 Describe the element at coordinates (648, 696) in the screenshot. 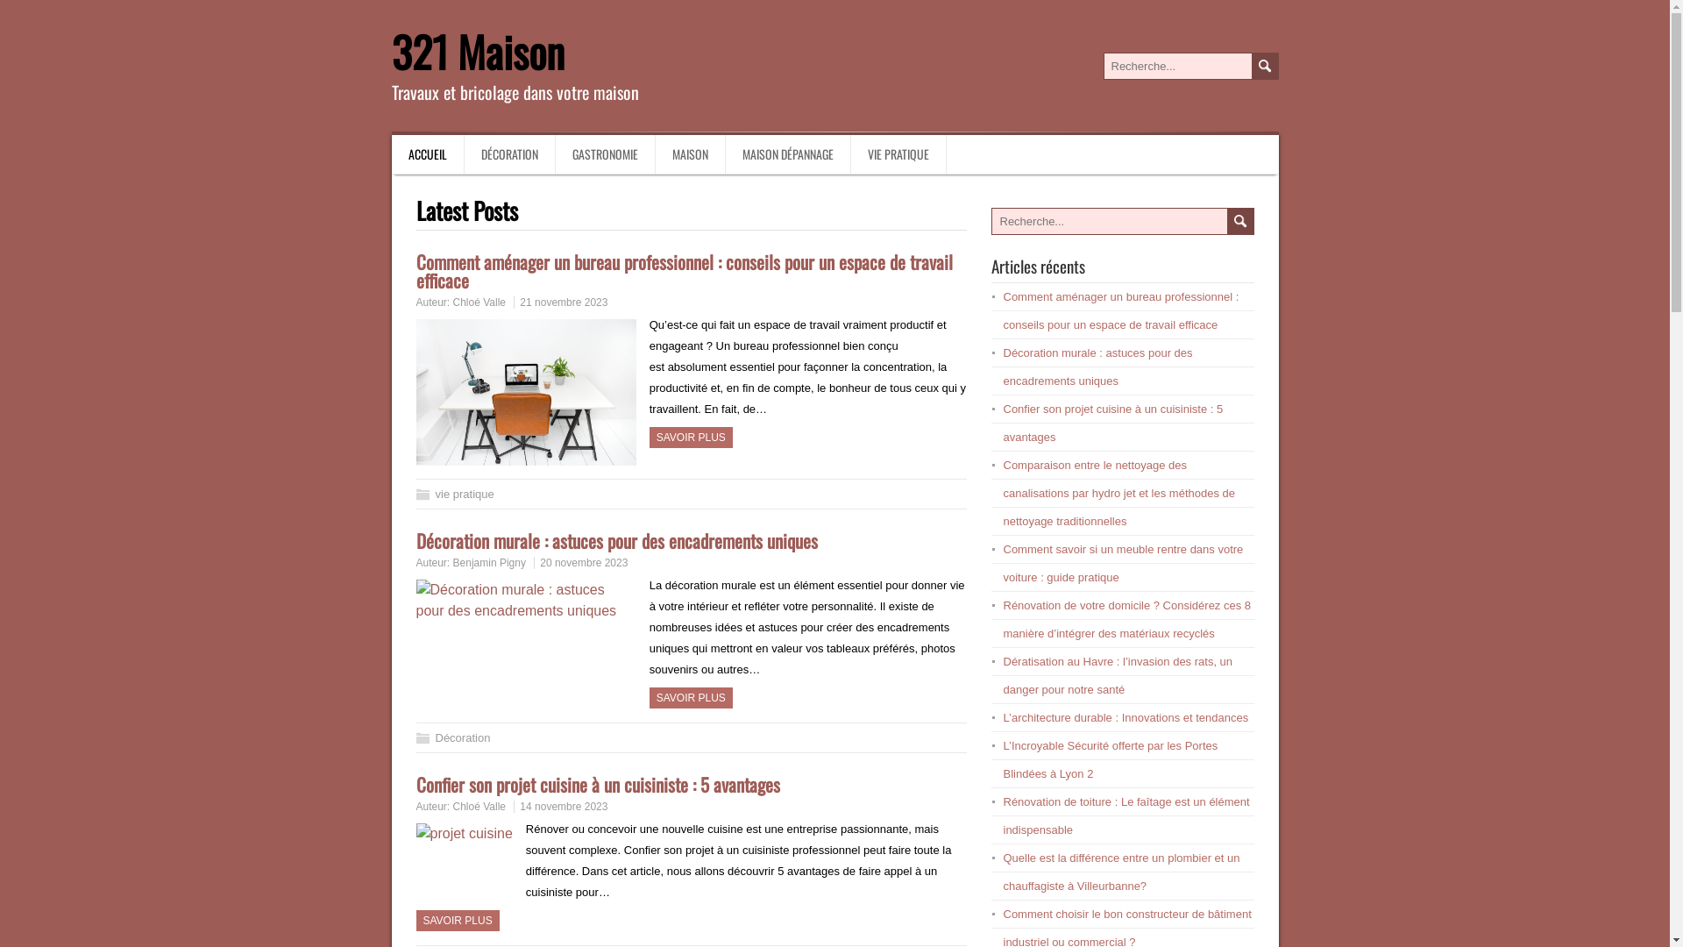

I see `'SAVOIR PLUS'` at that location.